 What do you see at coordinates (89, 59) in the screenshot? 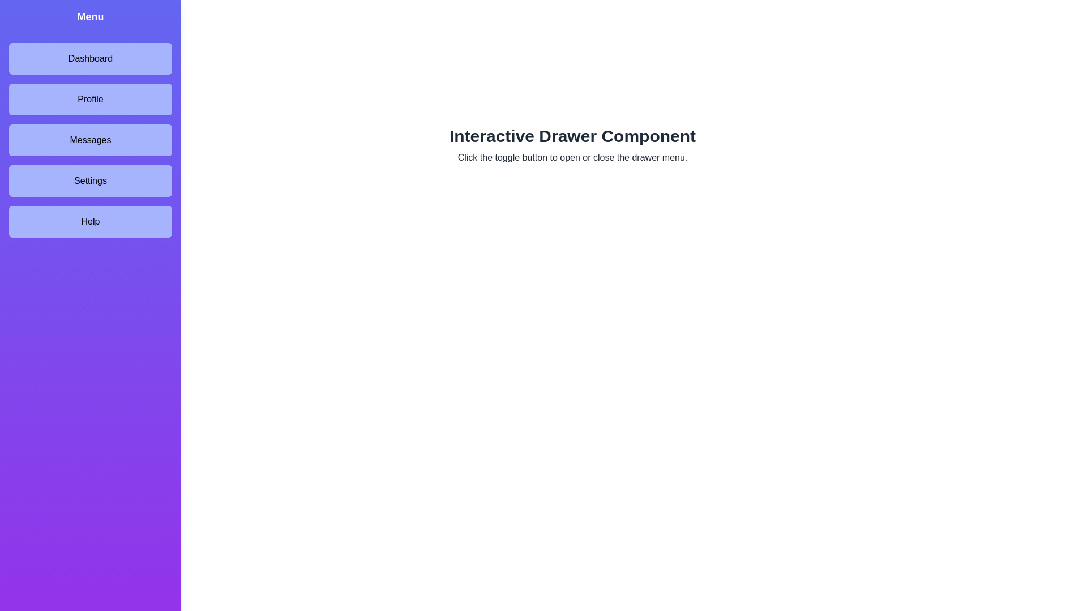
I see `the menu item labeled Dashboard by clicking on it` at bounding box center [89, 59].